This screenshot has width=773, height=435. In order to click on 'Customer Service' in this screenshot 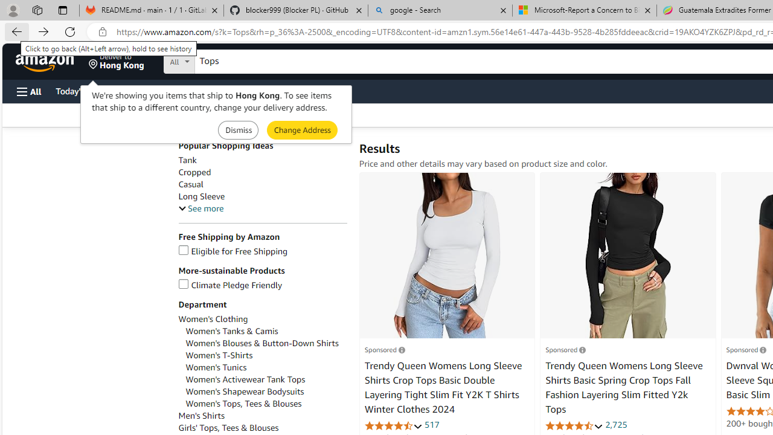, I will do `click(154, 90)`.